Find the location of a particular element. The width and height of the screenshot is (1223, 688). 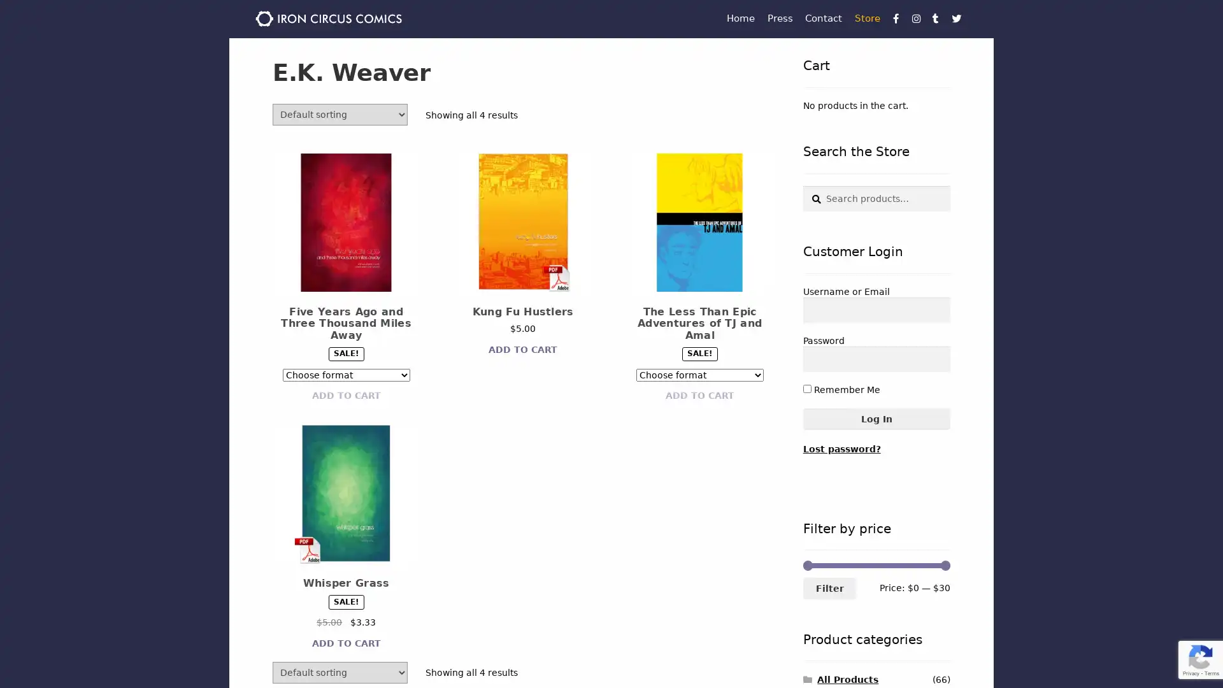

Filter is located at coordinates (829, 588).